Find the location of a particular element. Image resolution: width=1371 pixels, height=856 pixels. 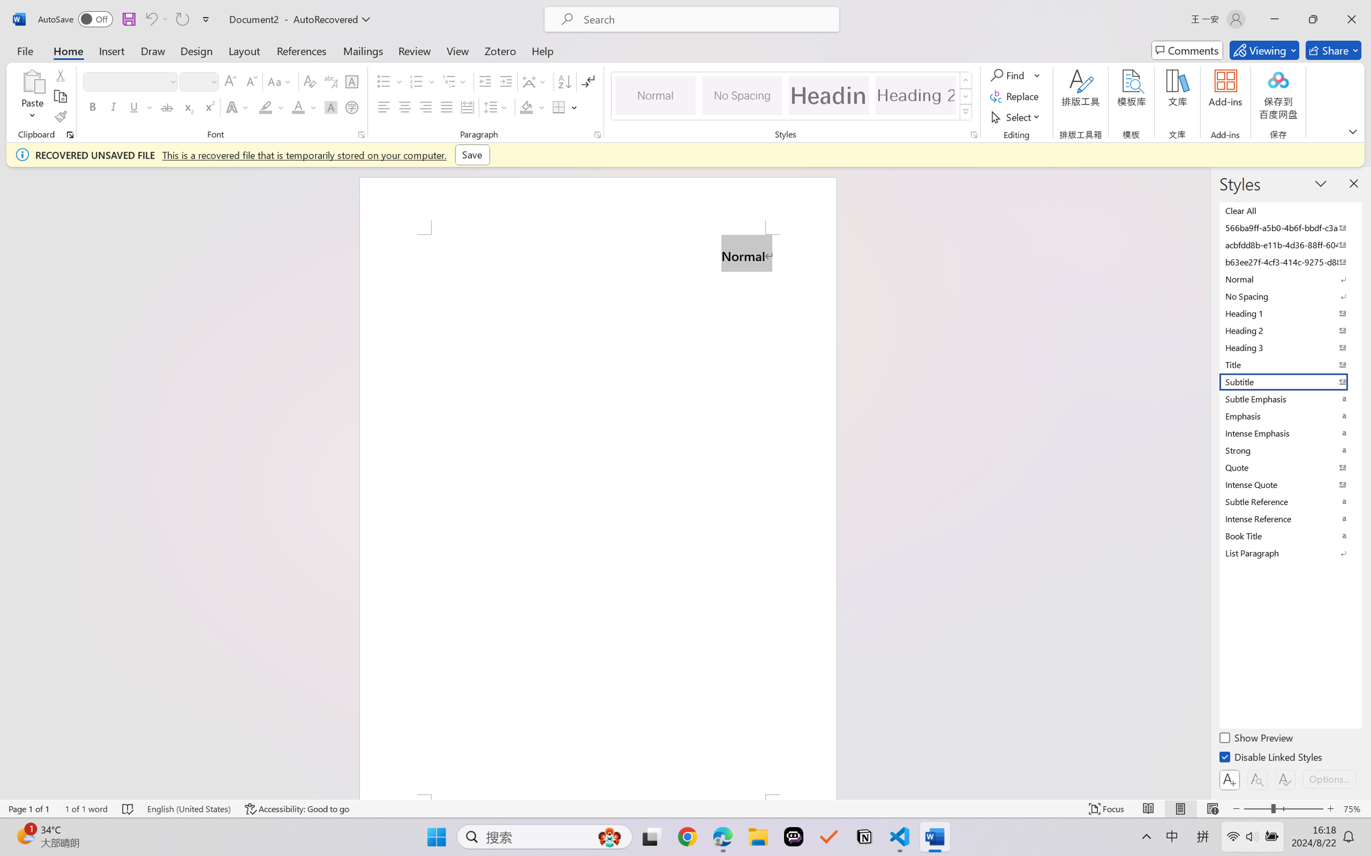

'Align Right' is located at coordinates (426, 106).